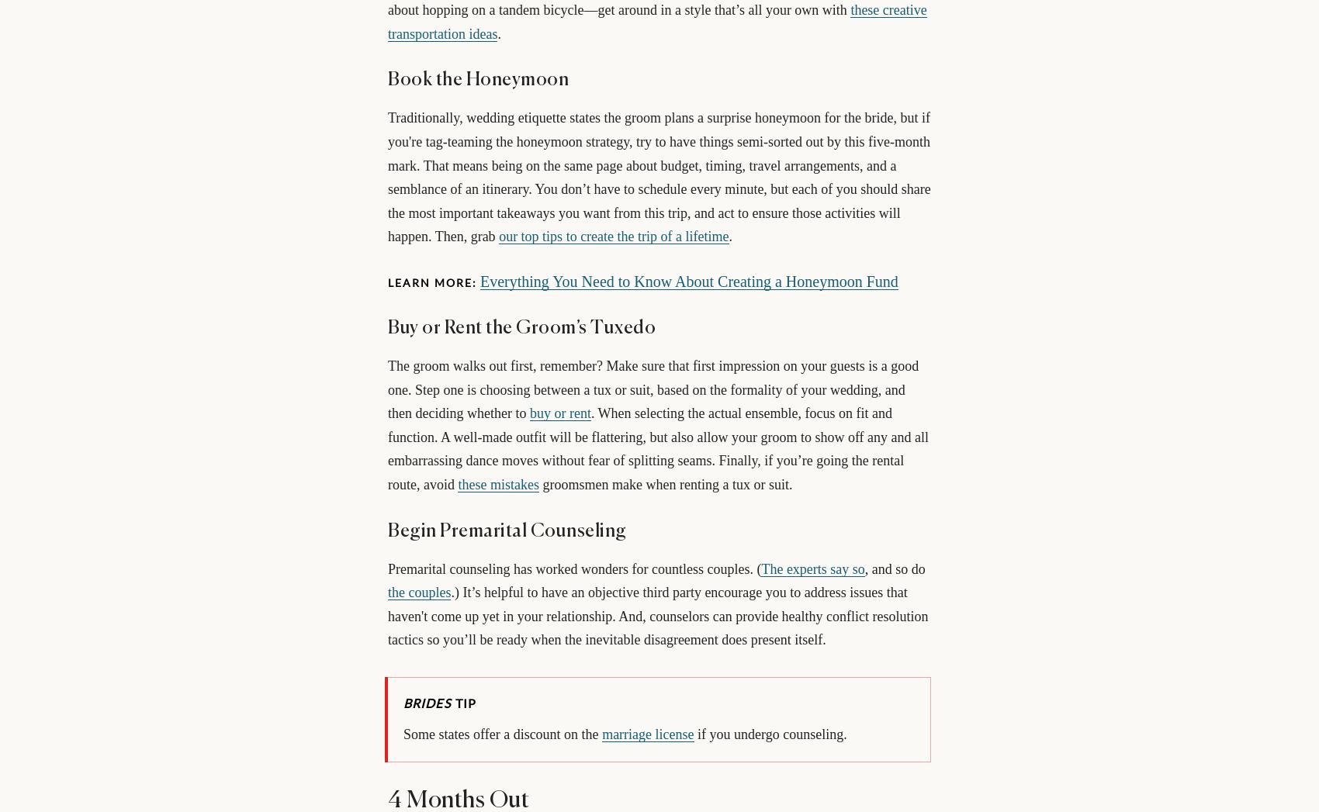 This screenshot has height=812, width=1319. I want to click on 'Begin Premarital Counseling', so click(507, 530).